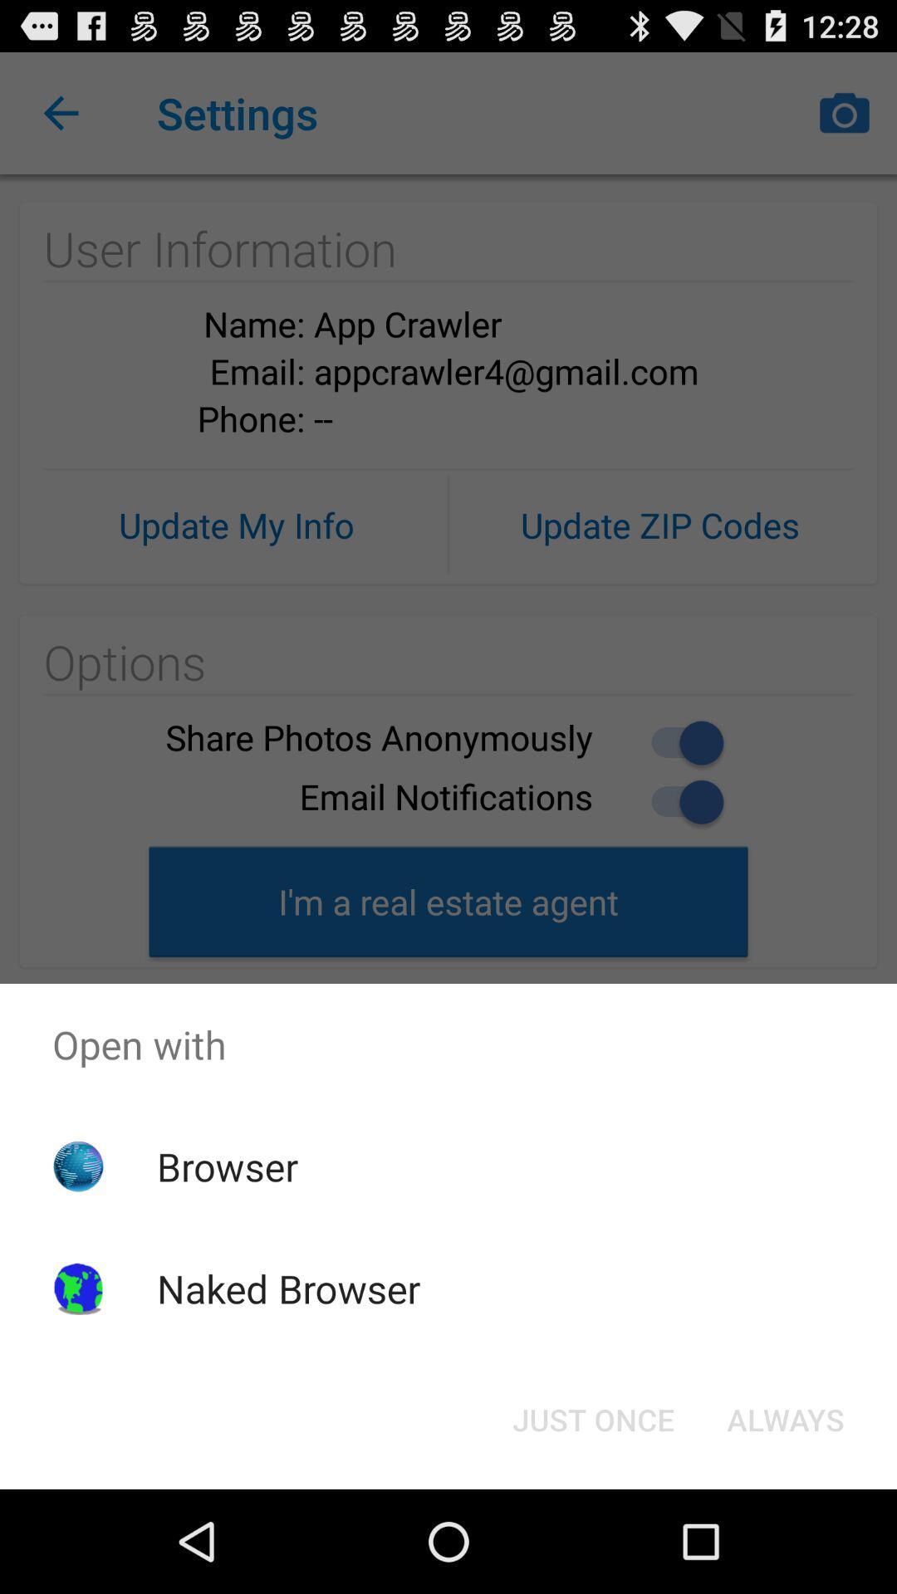  What do you see at coordinates (785, 1418) in the screenshot?
I see `app below the open with app` at bounding box center [785, 1418].